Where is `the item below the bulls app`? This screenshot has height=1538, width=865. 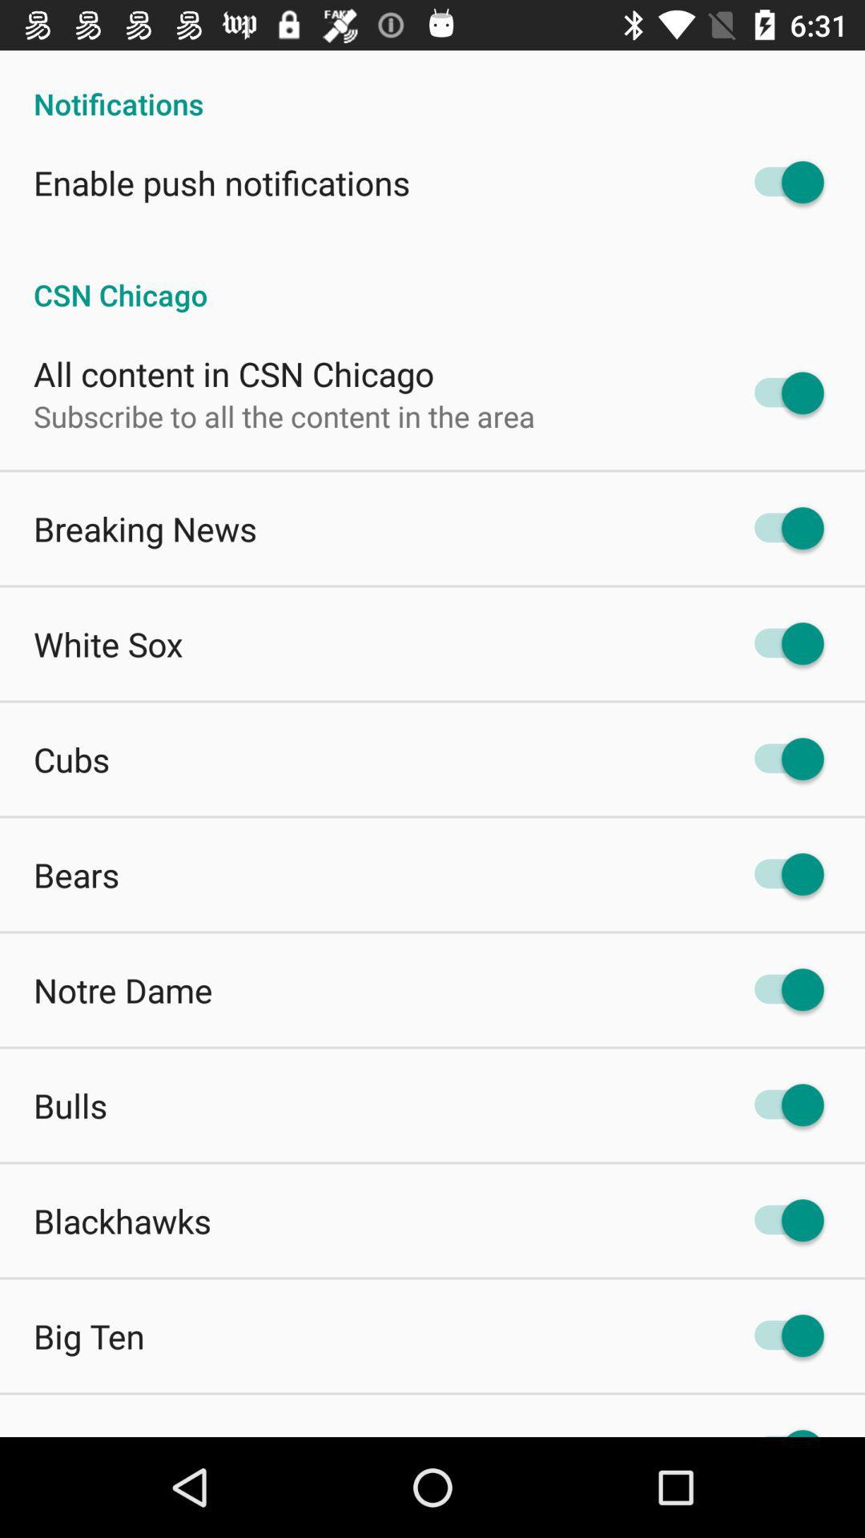 the item below the bulls app is located at coordinates (122, 1219).